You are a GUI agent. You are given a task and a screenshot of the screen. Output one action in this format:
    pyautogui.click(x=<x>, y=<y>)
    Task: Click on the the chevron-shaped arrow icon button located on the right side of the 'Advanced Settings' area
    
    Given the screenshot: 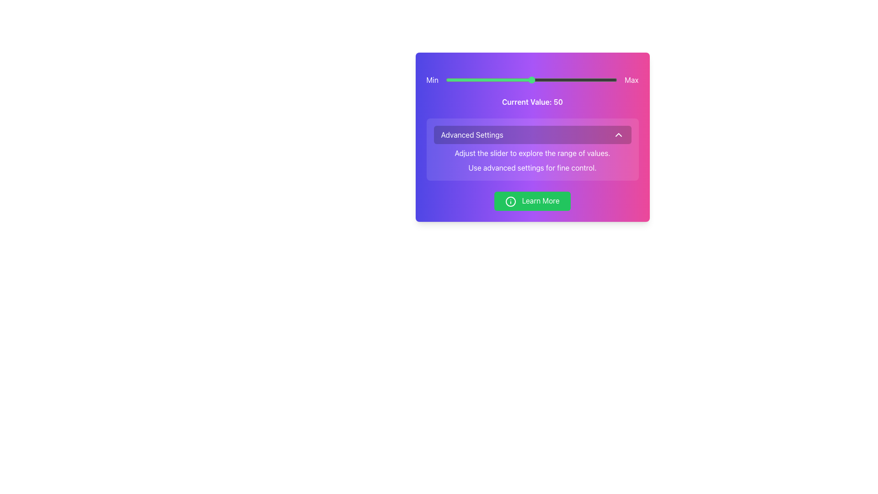 What is the action you would take?
    pyautogui.click(x=618, y=134)
    